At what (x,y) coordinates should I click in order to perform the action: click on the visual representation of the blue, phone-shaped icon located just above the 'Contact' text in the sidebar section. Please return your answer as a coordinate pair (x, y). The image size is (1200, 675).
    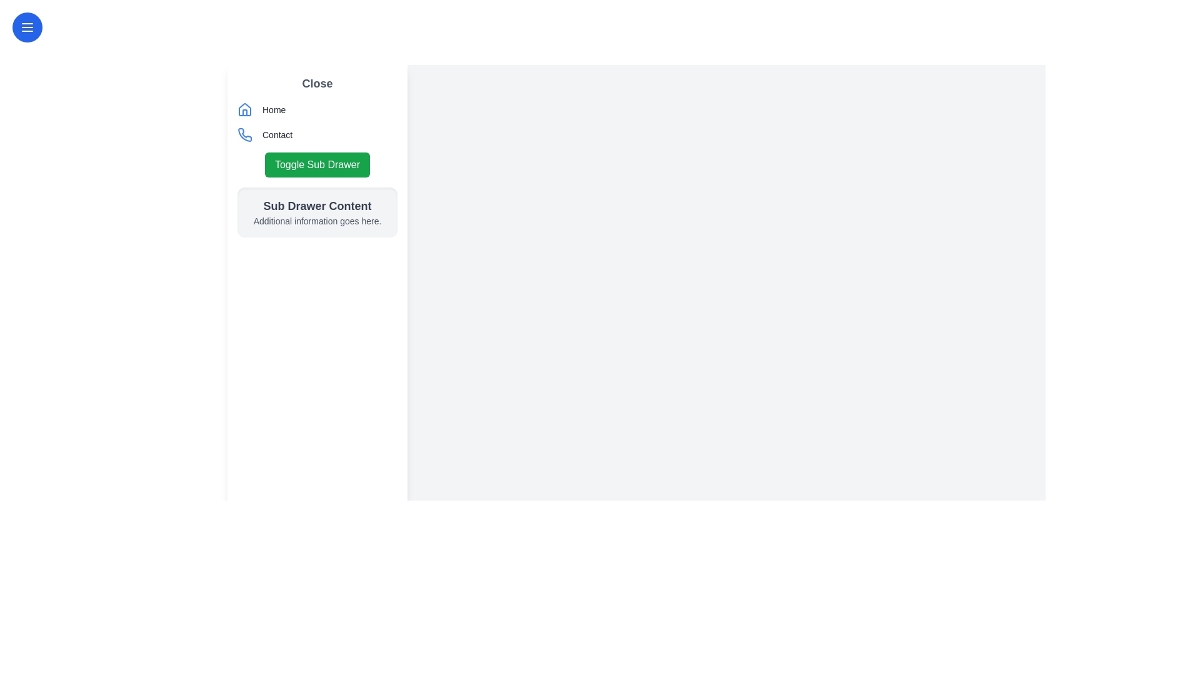
    Looking at the image, I should click on (245, 135).